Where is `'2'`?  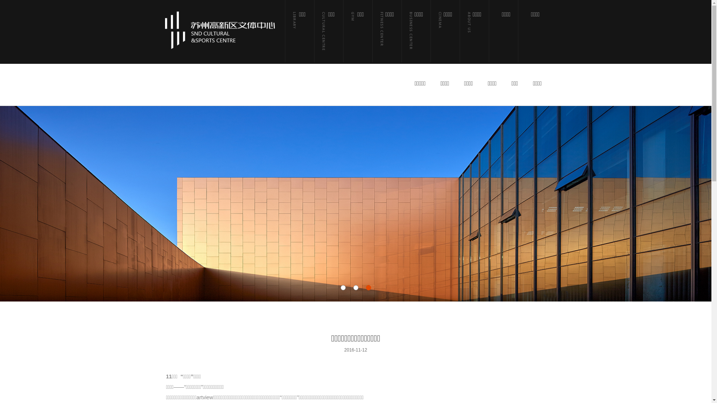 '2' is located at coordinates (356, 287).